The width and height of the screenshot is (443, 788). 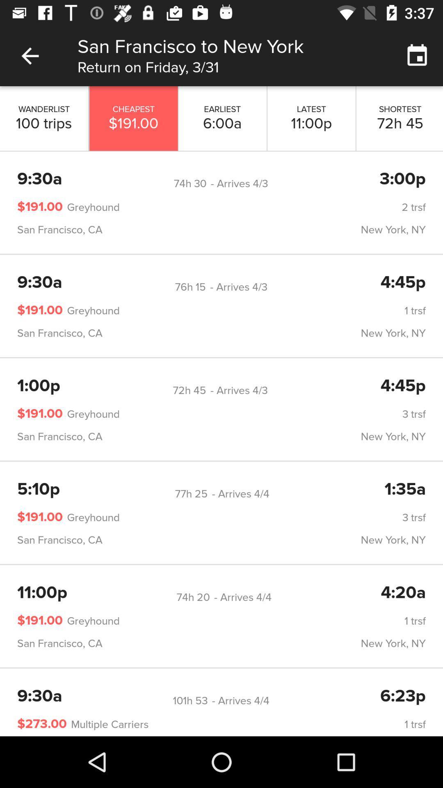 I want to click on the item below the san francisco, ca, so click(x=190, y=287).